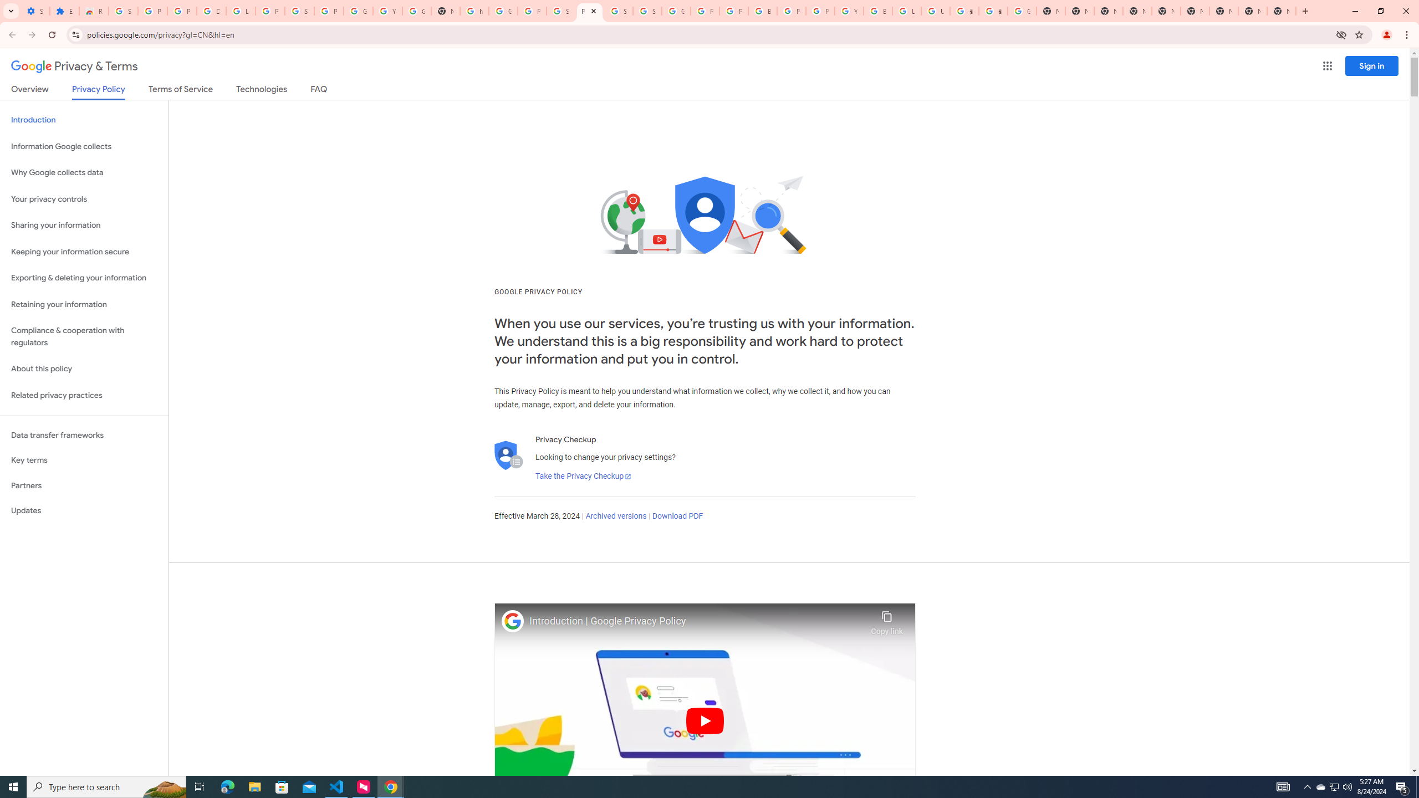  What do you see at coordinates (84, 395) in the screenshot?
I see `'Related privacy practices'` at bounding box center [84, 395].